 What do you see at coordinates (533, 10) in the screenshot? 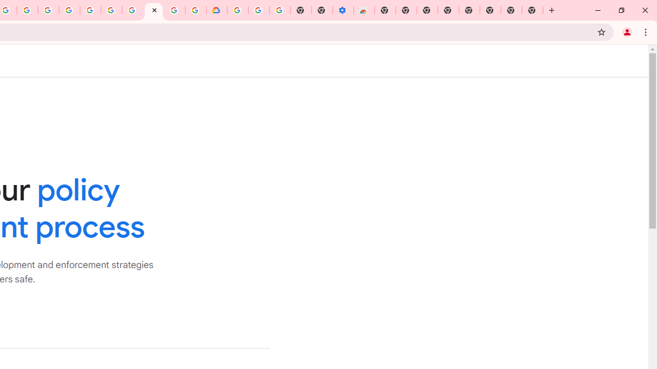
I see `'New Tab'` at bounding box center [533, 10].